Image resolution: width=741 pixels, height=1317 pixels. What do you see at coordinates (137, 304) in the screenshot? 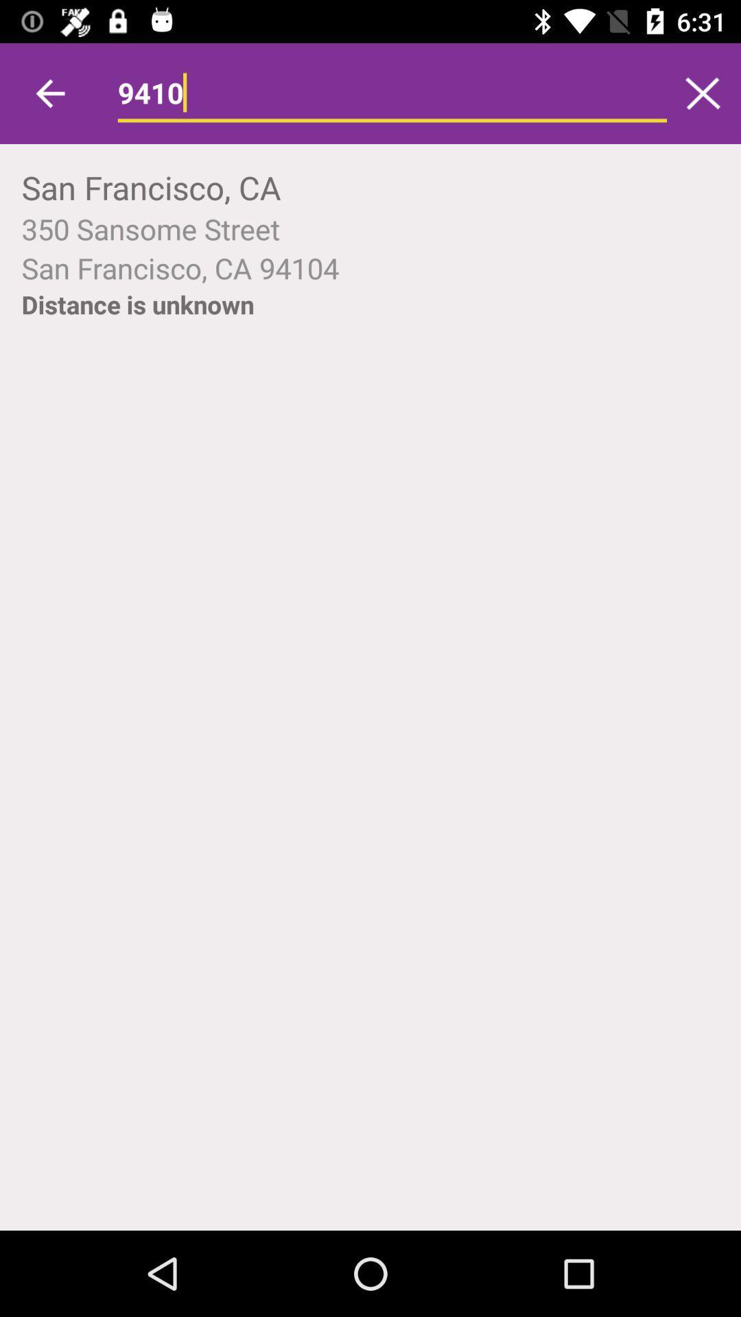
I see `distance is unknown item` at bounding box center [137, 304].